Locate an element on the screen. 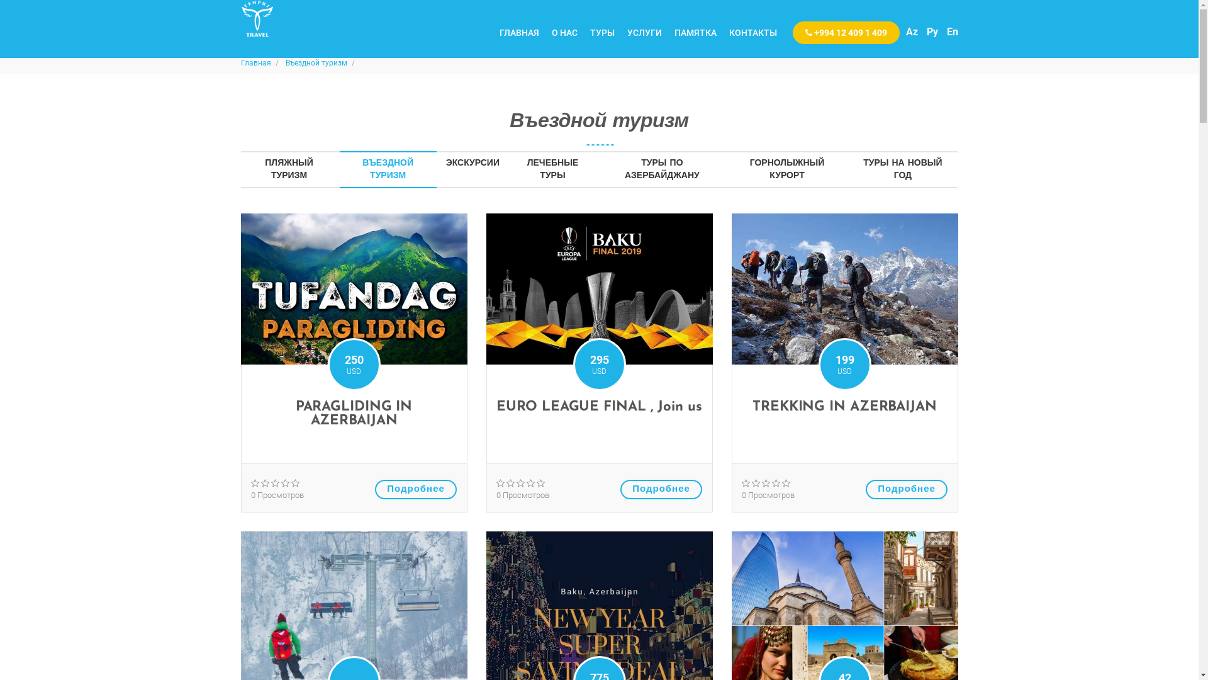 This screenshot has height=680, width=1208. 'En' is located at coordinates (946, 31).